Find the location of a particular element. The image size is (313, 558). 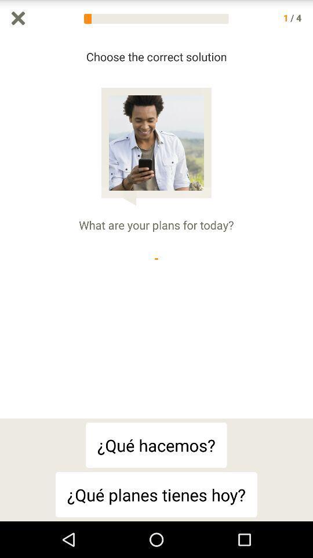

the close icon is located at coordinates (17, 19).